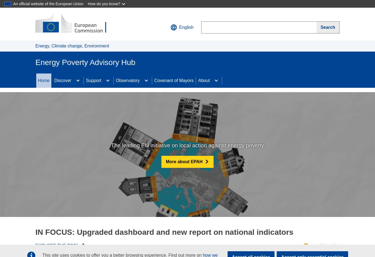 The image size is (375, 257). I want to click on 'Helpdesk', so click(85, 130).